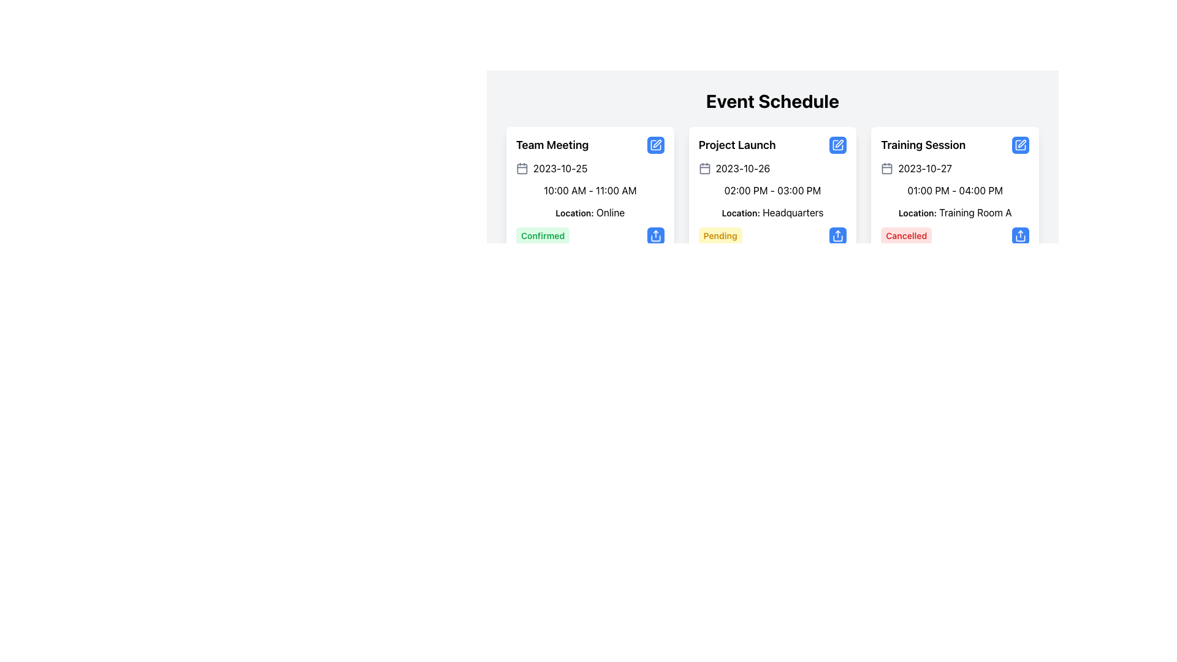  Describe the element at coordinates (560, 168) in the screenshot. I see `the text display showing the scheduled date for the 'Team Meeting' event, located below the title and above the time range` at that location.